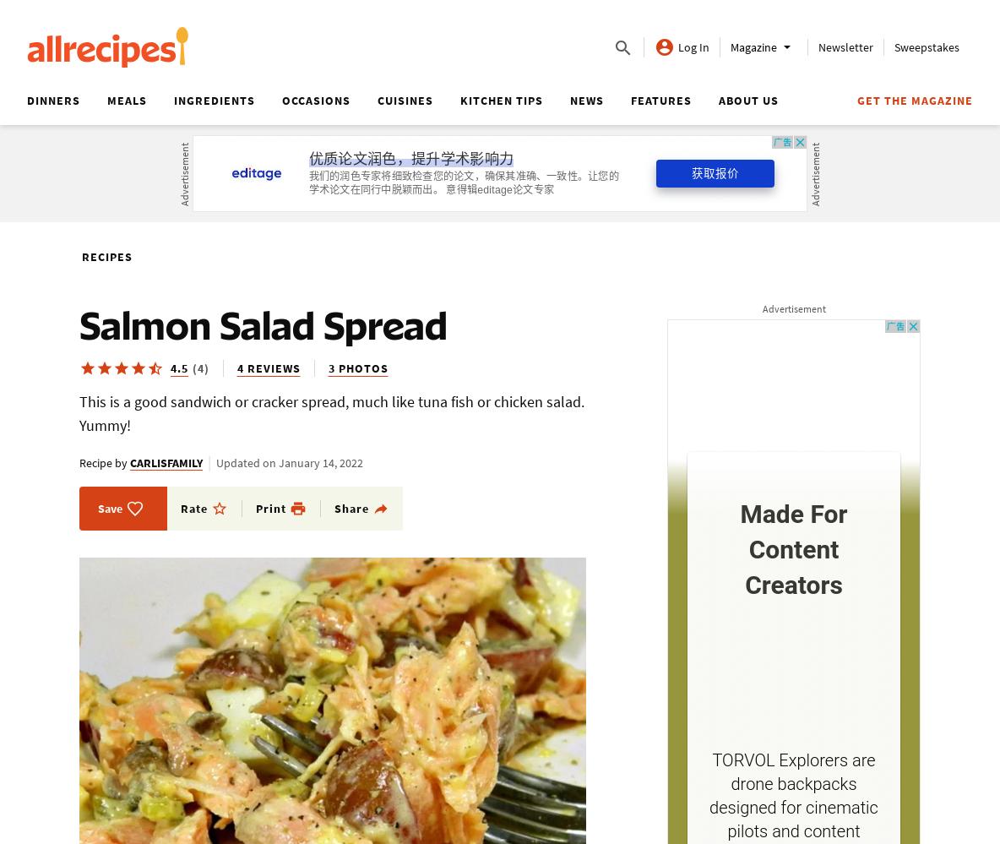  What do you see at coordinates (587, 100) in the screenshot?
I see `'News'` at bounding box center [587, 100].